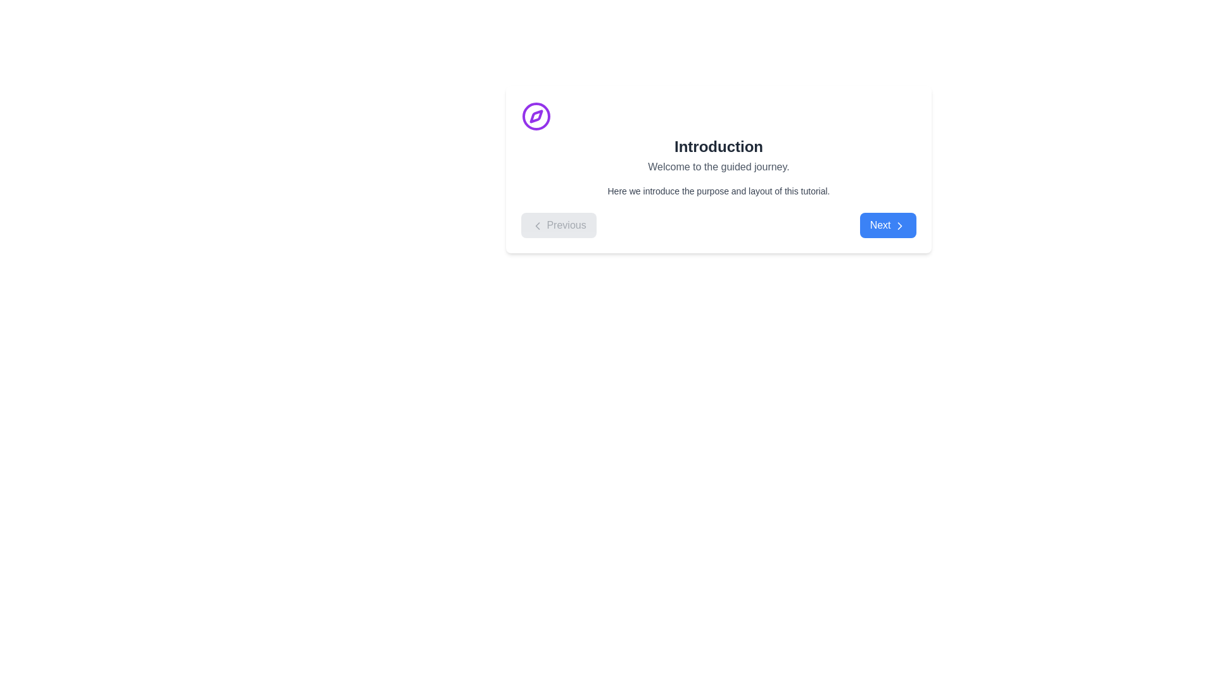 The image size is (1216, 684). What do you see at coordinates (536, 117) in the screenshot?
I see `the inner segment of the compass icon located on the leftmost side of the card component in the center of the page` at bounding box center [536, 117].